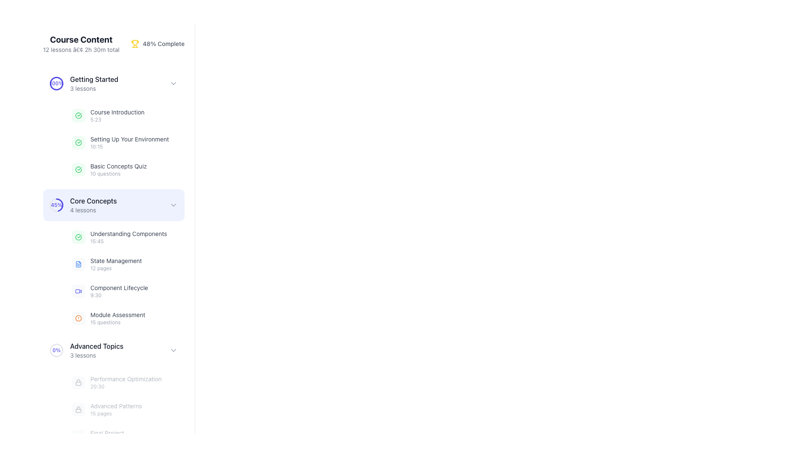 The height and width of the screenshot is (456, 811). I want to click on the List Item displaying Module Details, which features an orange circular icon and the text 'Module Assessment', so click(108, 318).